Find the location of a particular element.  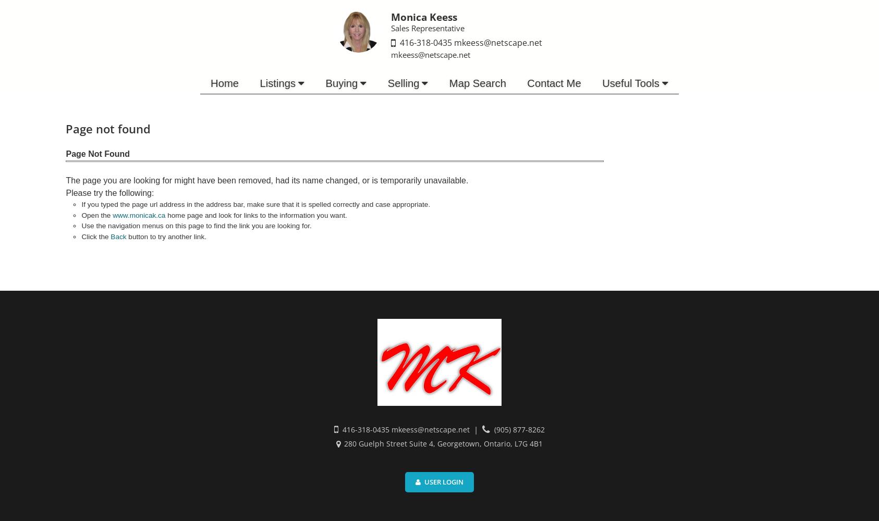

'Pre-Construction Condo Finder' is located at coordinates (258, 158).